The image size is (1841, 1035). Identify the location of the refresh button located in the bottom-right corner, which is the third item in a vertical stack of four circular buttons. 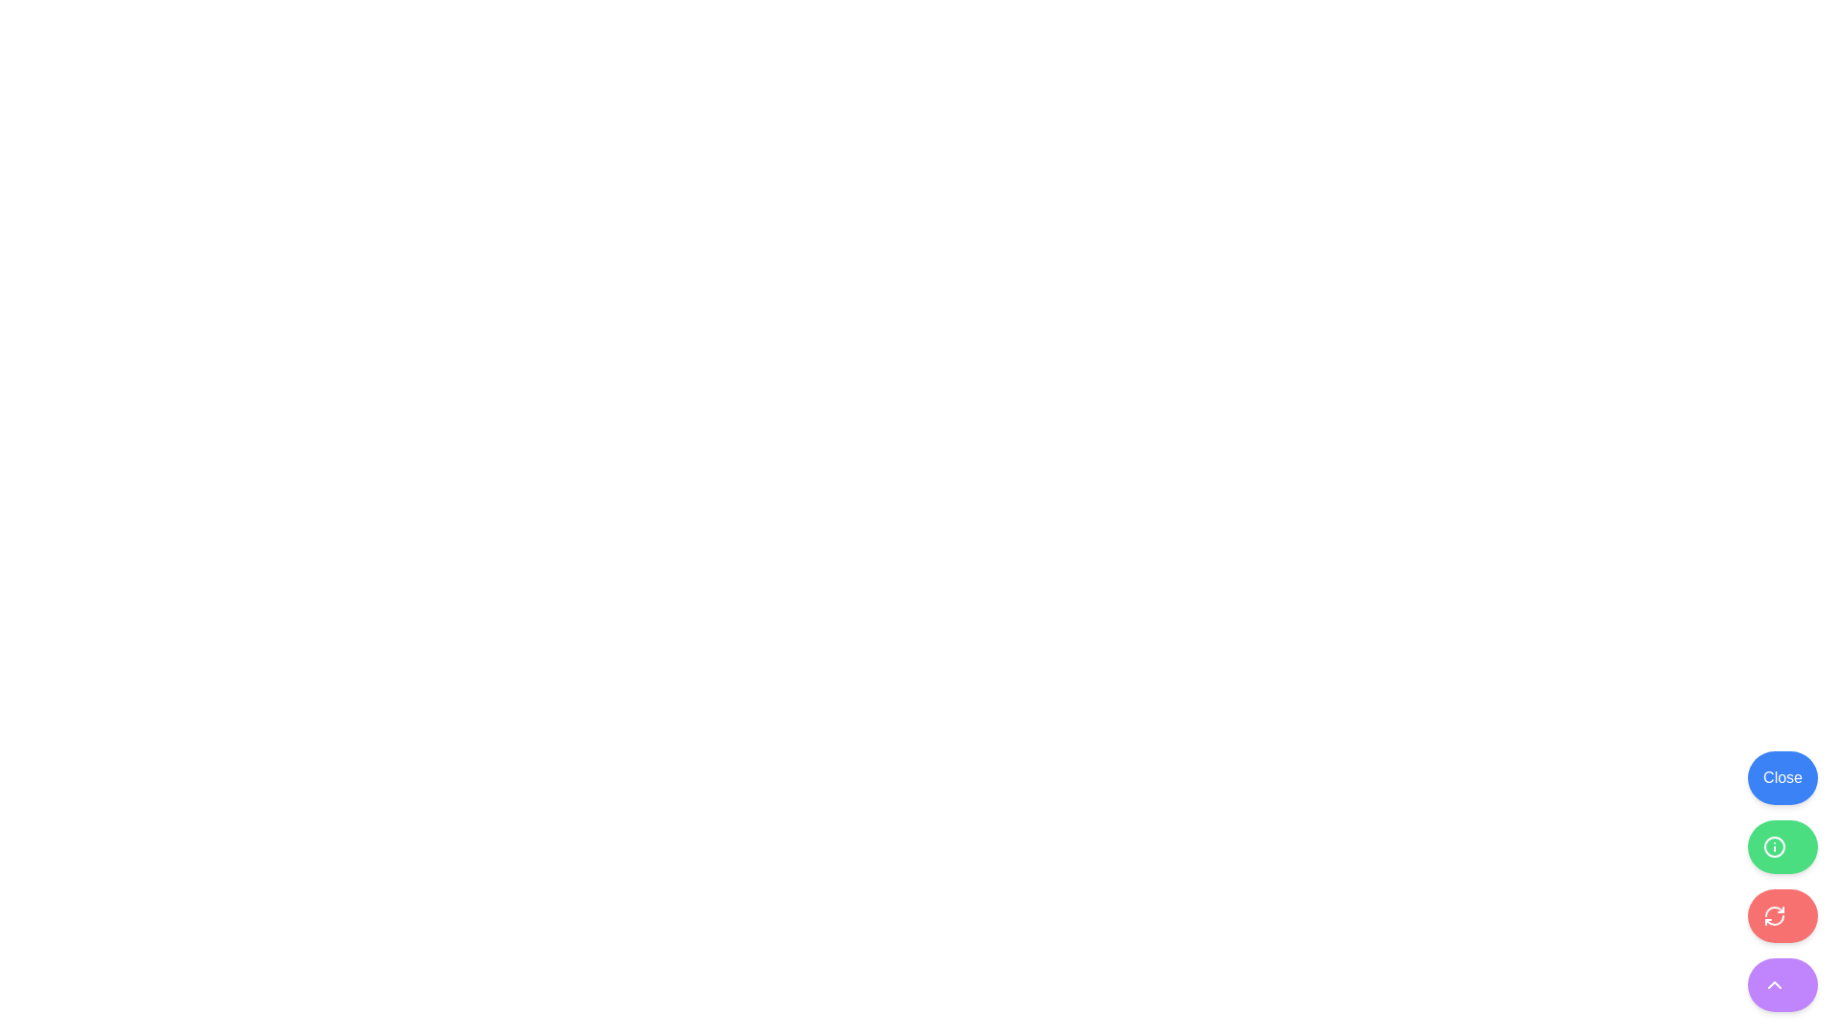
(1774, 915).